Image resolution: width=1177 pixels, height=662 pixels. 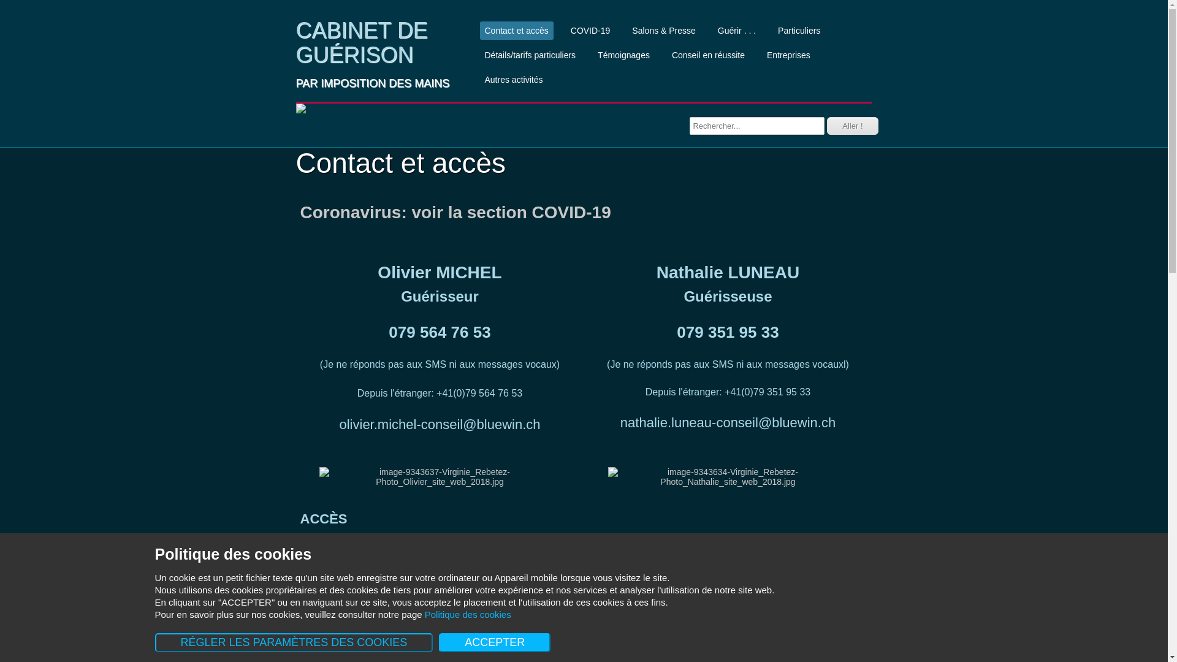 I want to click on 'Entreprises', so click(x=788, y=54).